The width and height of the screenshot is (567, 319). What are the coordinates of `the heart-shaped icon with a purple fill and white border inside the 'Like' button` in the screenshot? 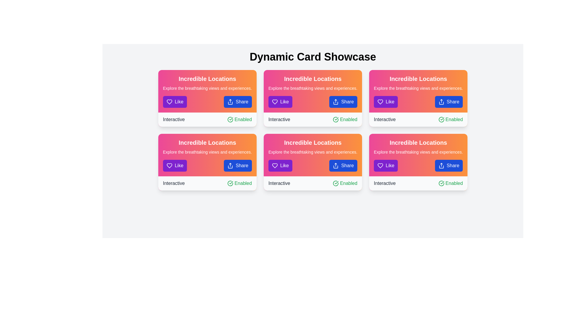 It's located at (380, 165).